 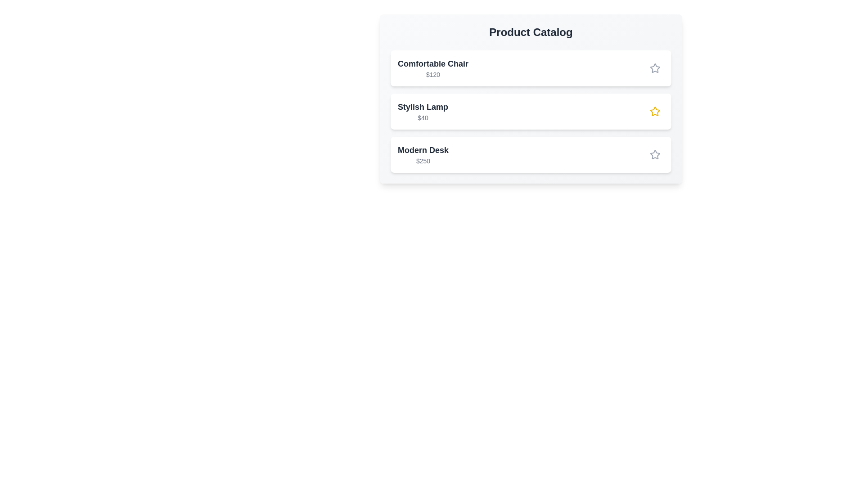 What do you see at coordinates (531, 154) in the screenshot?
I see `the product Modern Desk in the catalog for inspection` at bounding box center [531, 154].